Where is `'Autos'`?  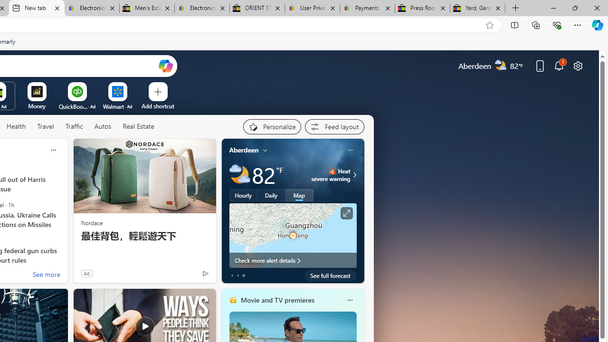 'Autos' is located at coordinates (103, 126).